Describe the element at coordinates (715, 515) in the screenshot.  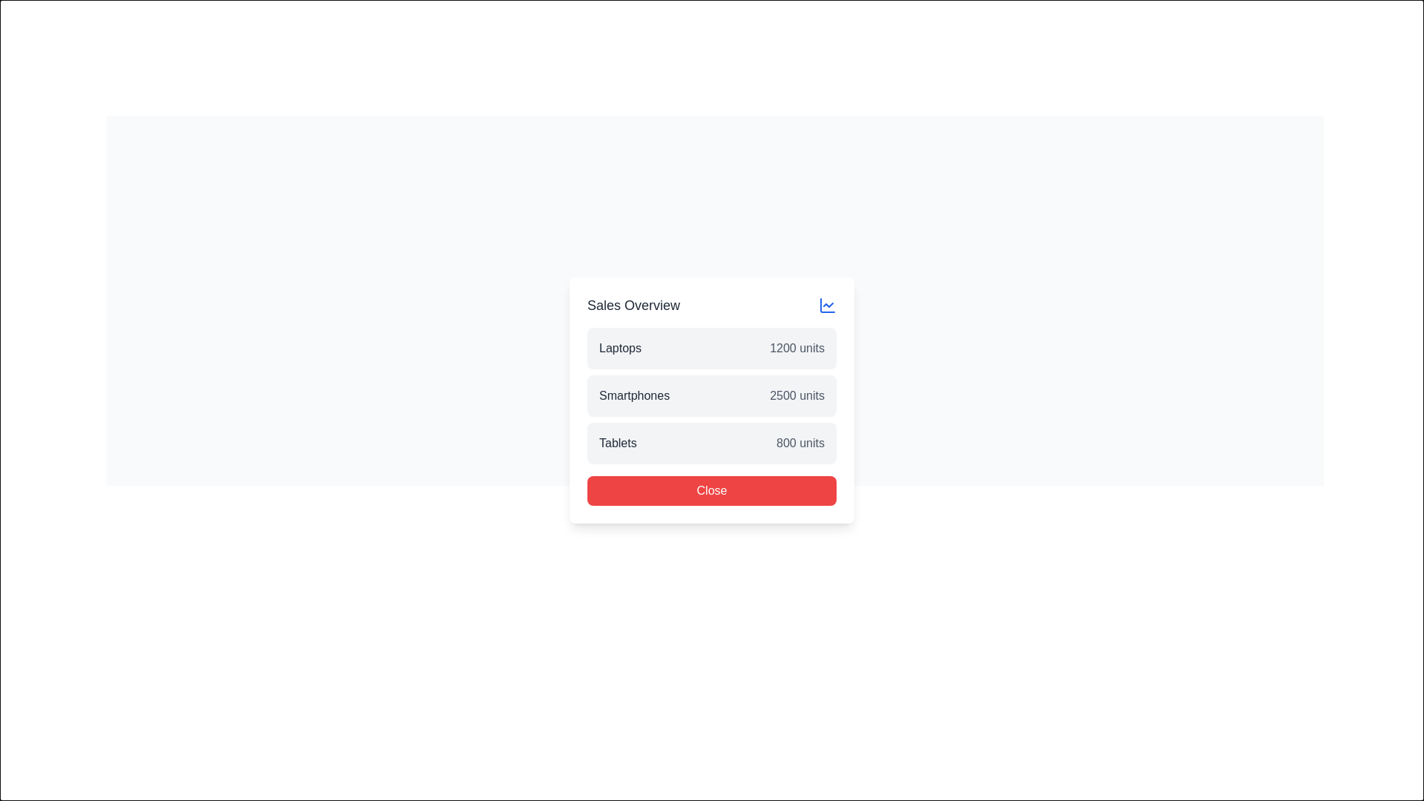
I see `the 'Close' button to close the dialog` at that location.